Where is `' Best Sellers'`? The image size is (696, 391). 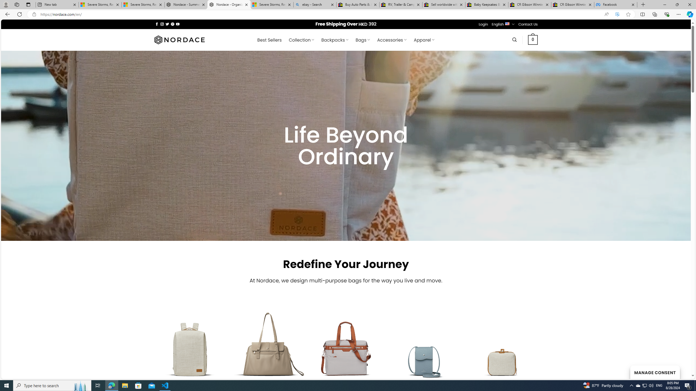
' Best Sellers' is located at coordinates (269, 40).